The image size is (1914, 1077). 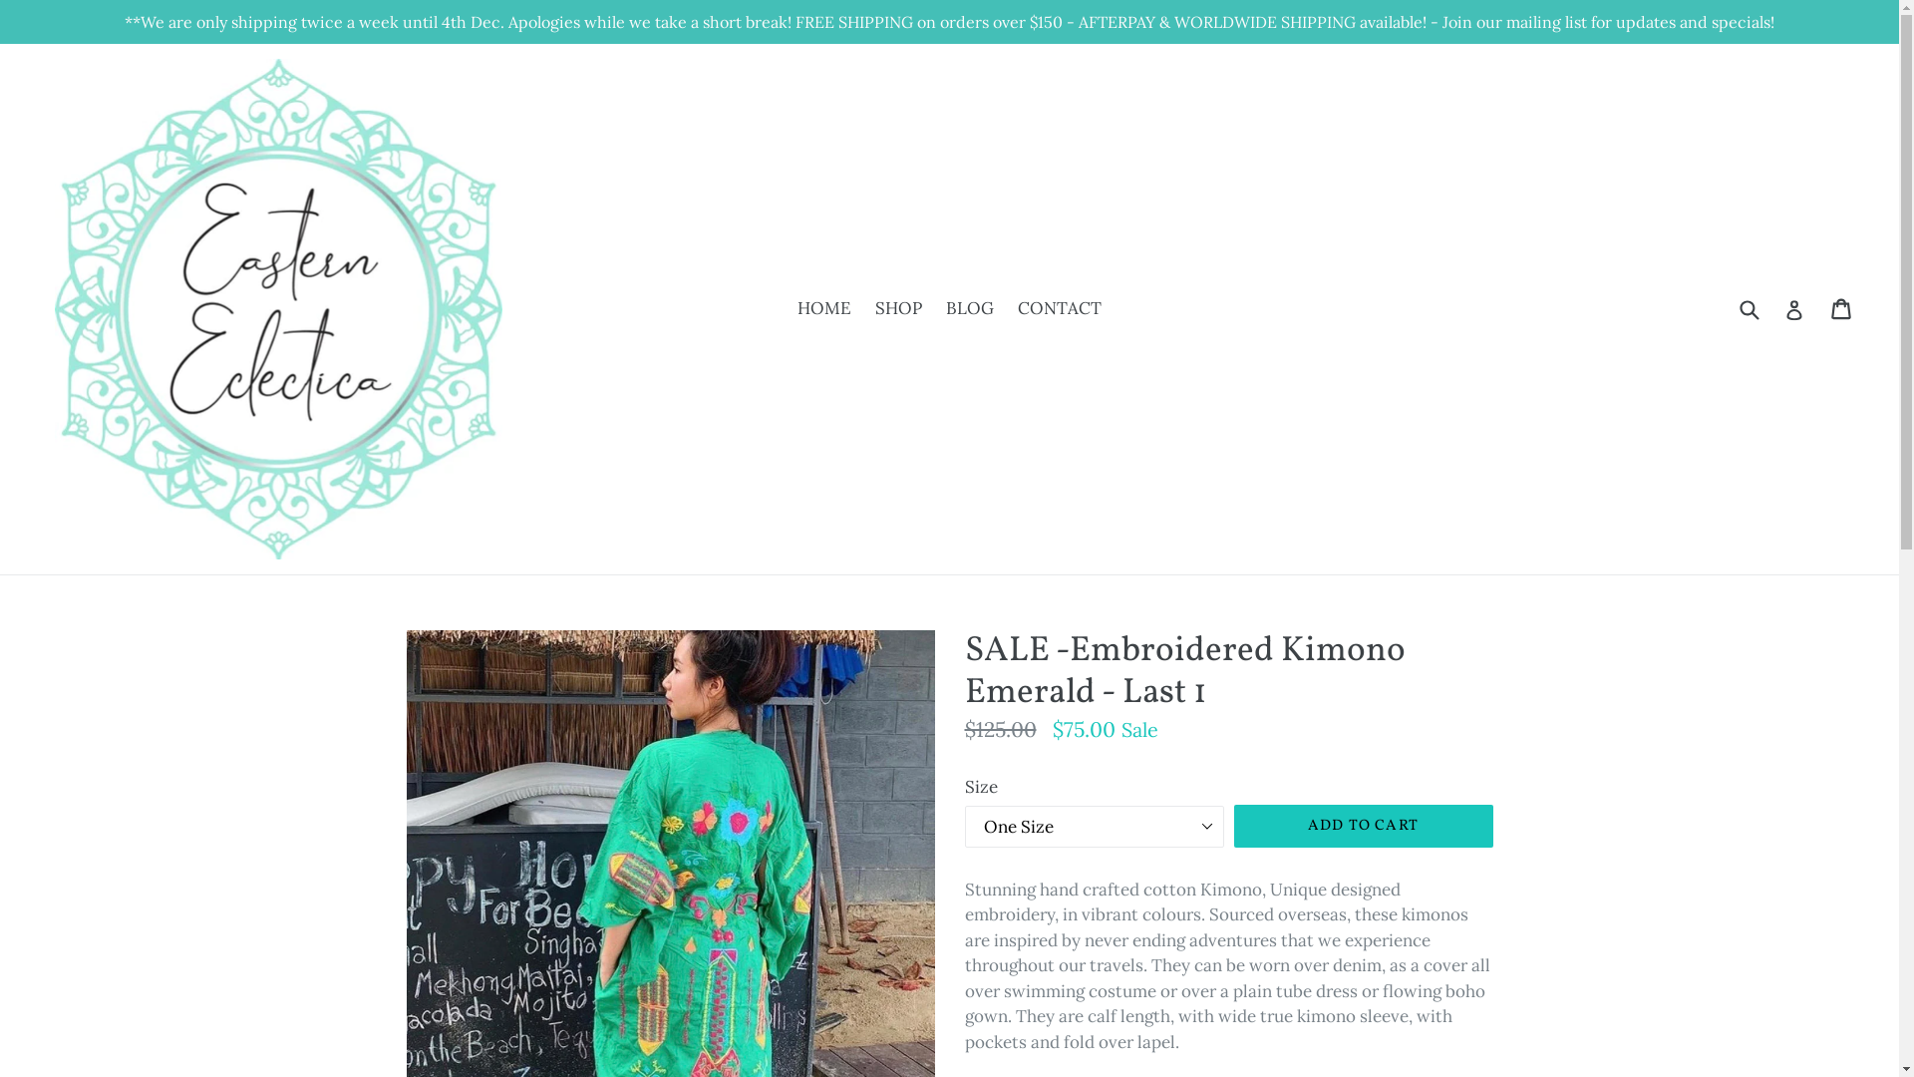 I want to click on 'Log in', so click(x=1784, y=308).